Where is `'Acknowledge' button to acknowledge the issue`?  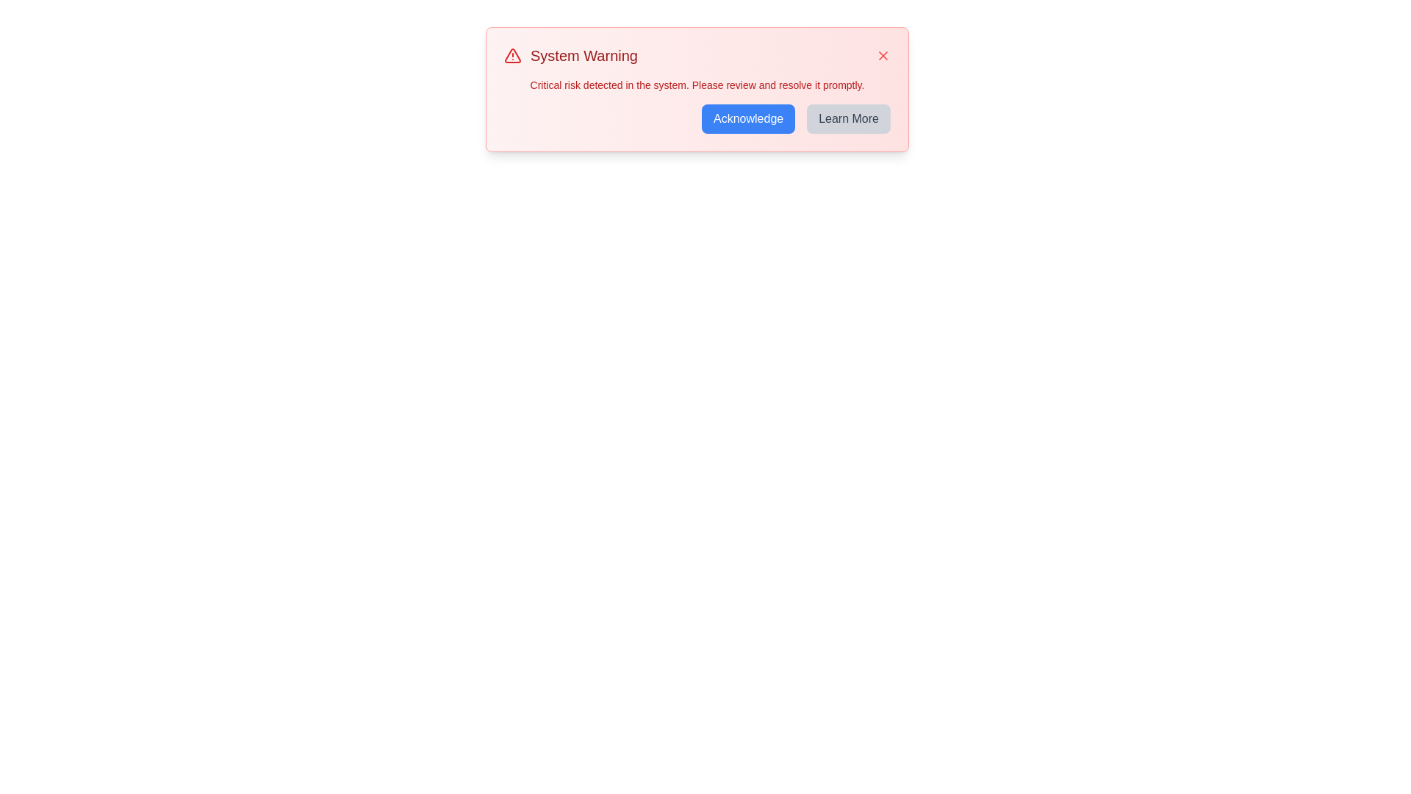 'Acknowledge' button to acknowledge the issue is located at coordinates (747, 118).